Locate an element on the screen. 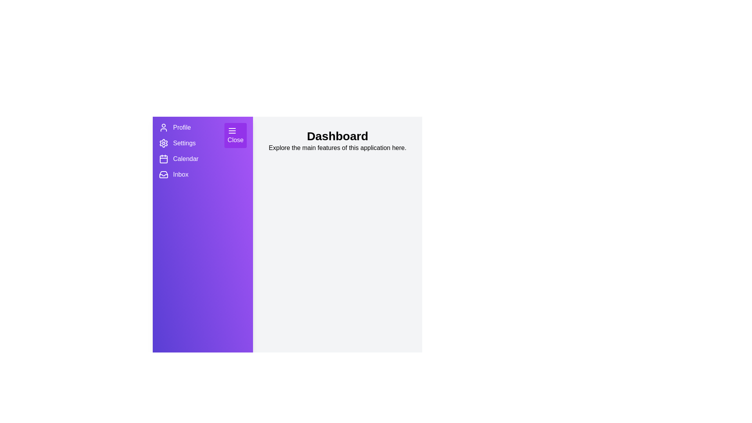 The image size is (752, 423). the close button to toggle the drawer visibility is located at coordinates (235, 135).